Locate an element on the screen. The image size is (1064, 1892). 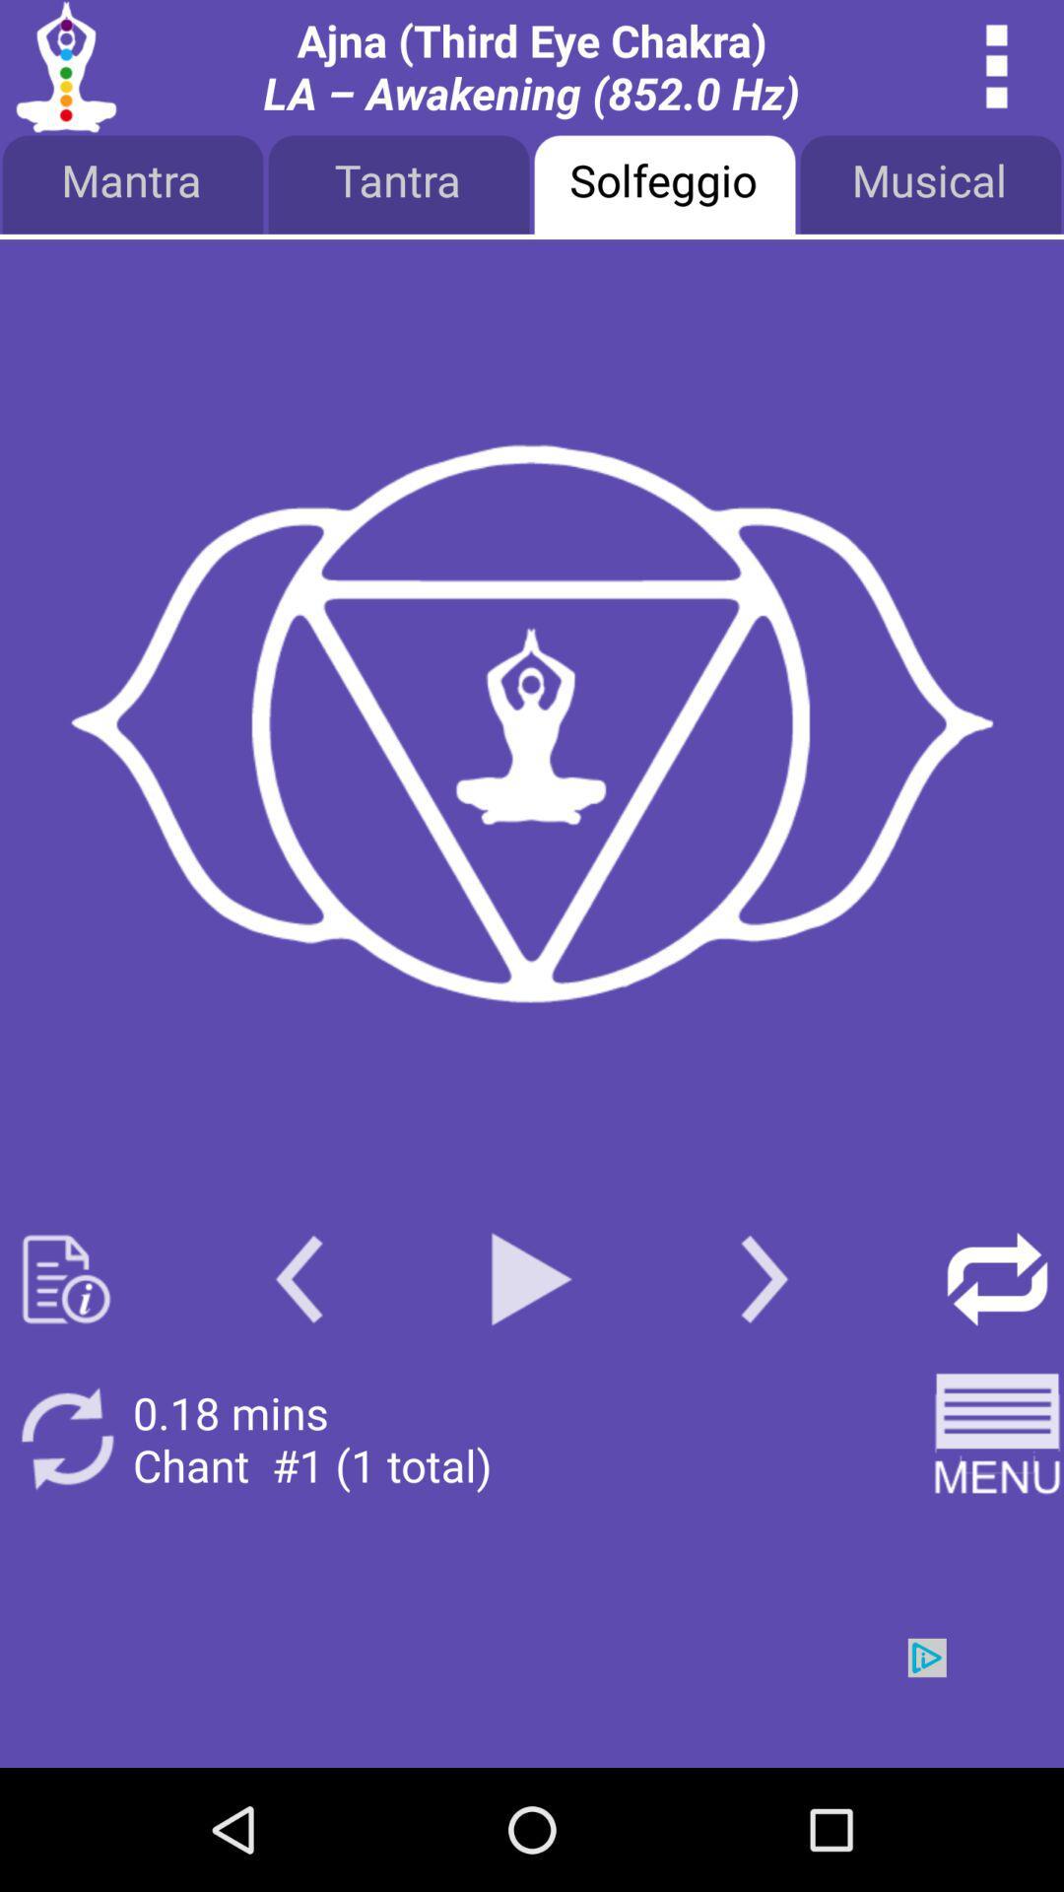
menu page is located at coordinates (997, 1439).